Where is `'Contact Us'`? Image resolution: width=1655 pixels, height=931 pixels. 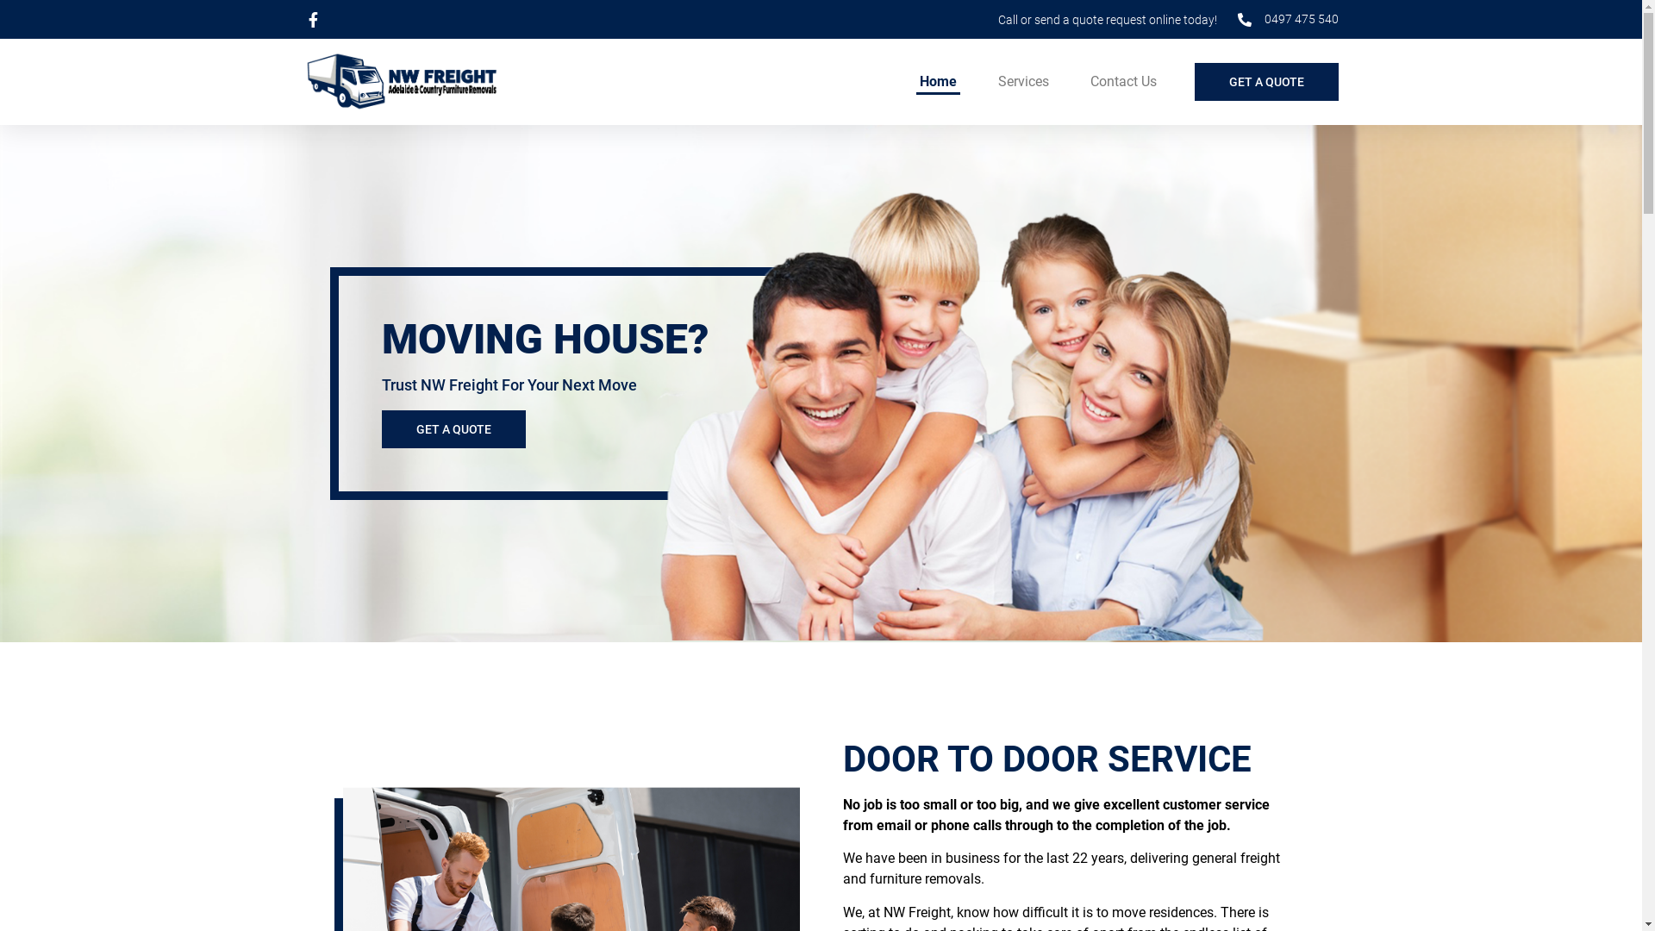
'Contact Us' is located at coordinates (1122, 82).